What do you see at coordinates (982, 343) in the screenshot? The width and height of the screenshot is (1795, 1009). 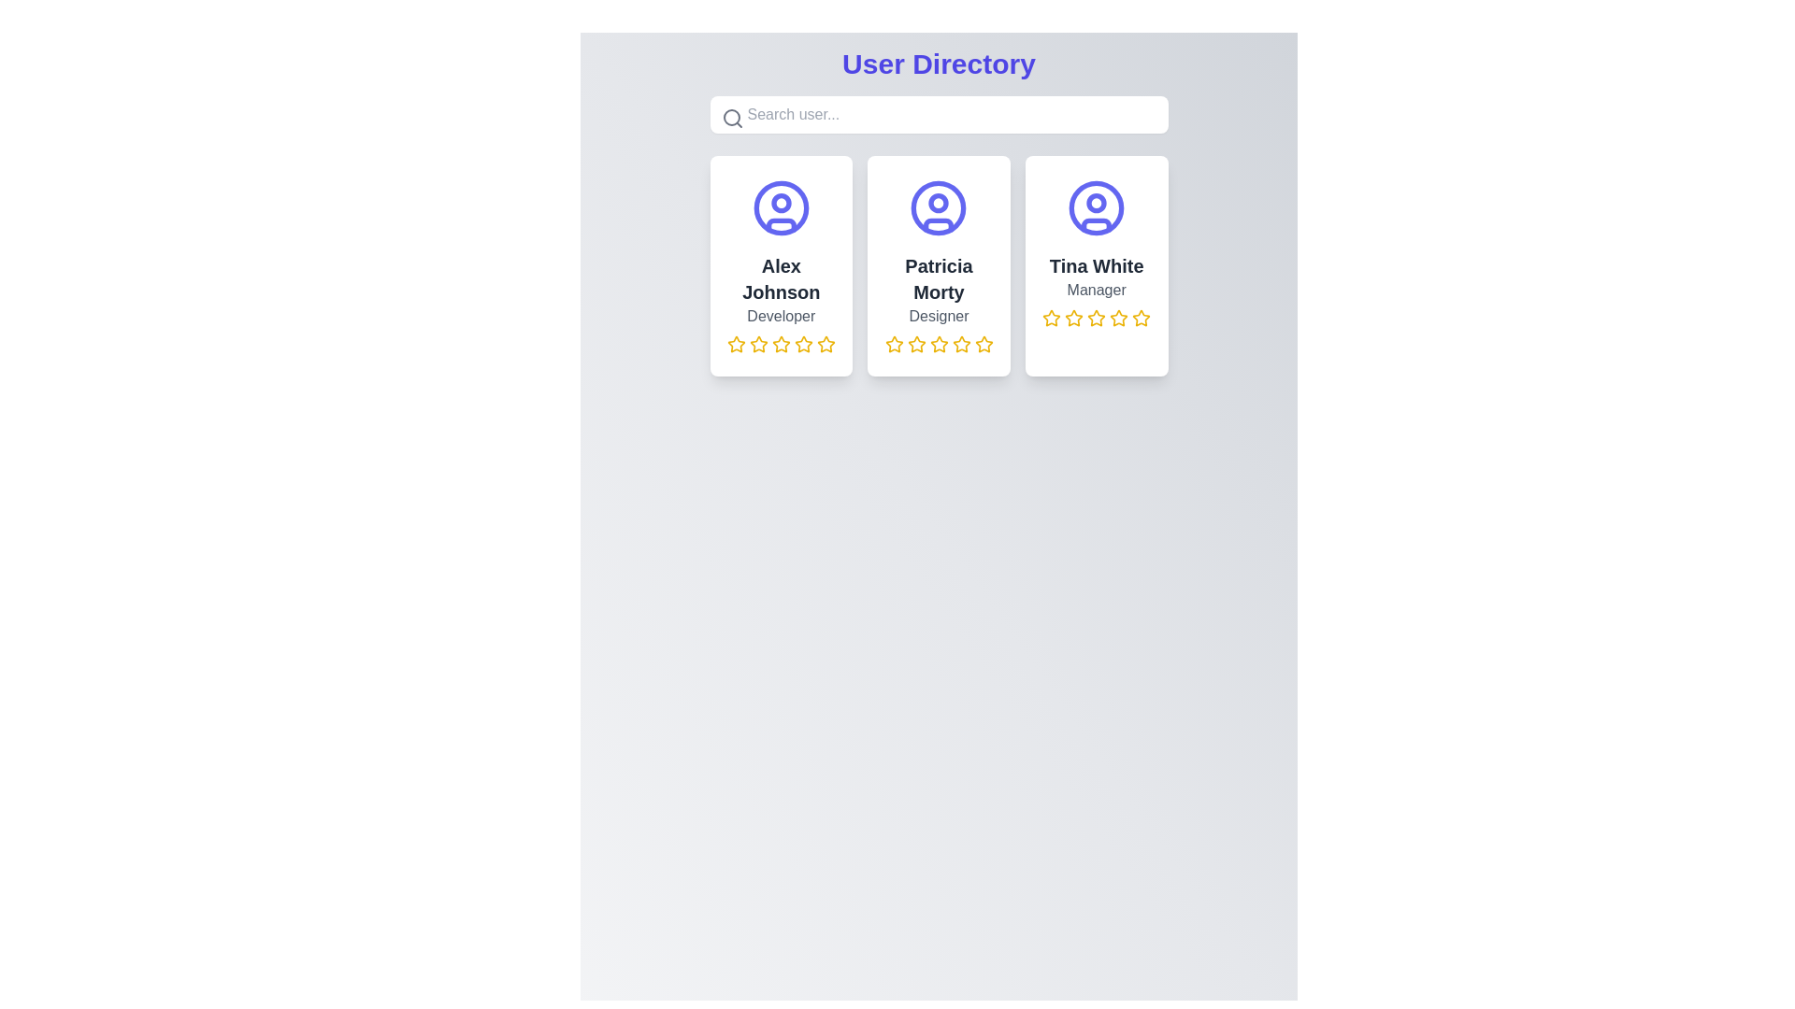 I see `the fifth star icon to rate 'Patricia Morty' with 5 stars` at bounding box center [982, 343].